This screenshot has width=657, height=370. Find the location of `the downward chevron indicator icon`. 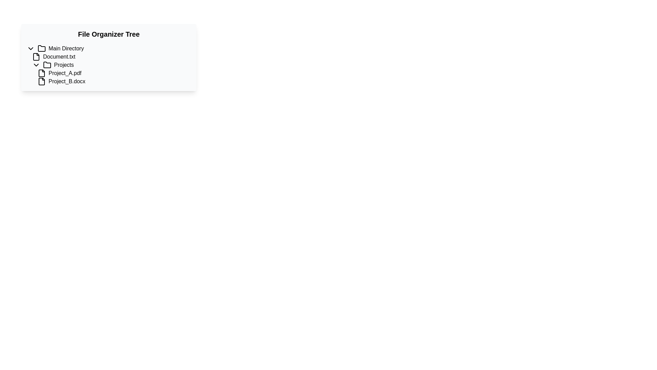

the downward chevron indicator icon is located at coordinates (36, 65).